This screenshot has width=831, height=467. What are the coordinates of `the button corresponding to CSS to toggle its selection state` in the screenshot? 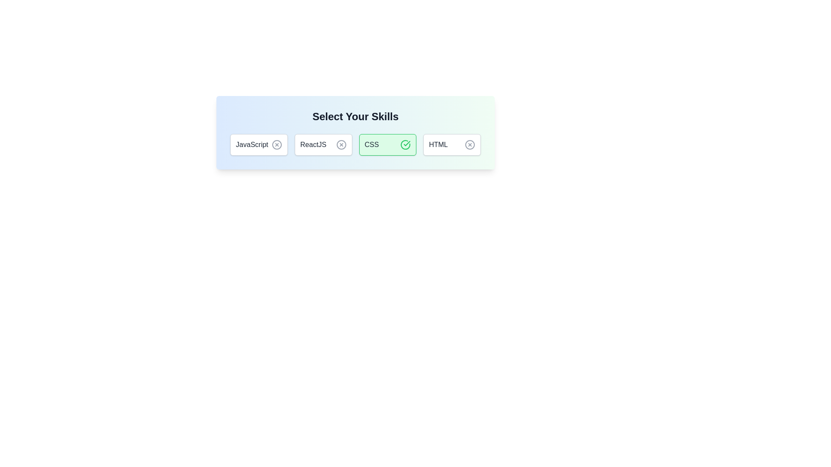 It's located at (387, 144).